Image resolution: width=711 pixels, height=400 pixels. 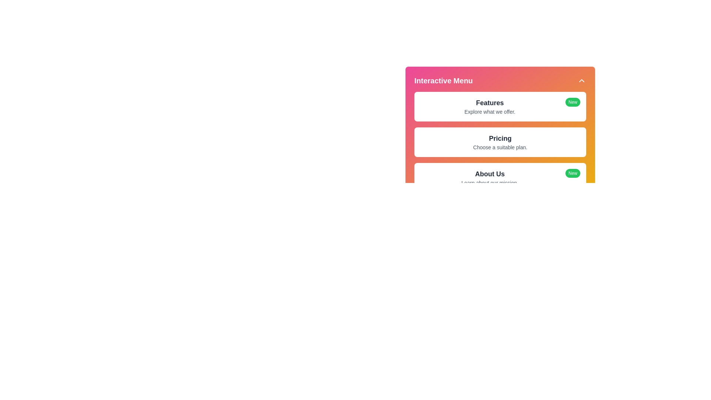 What do you see at coordinates (500, 139) in the screenshot?
I see `the menu item labeled Pricing to view its details` at bounding box center [500, 139].